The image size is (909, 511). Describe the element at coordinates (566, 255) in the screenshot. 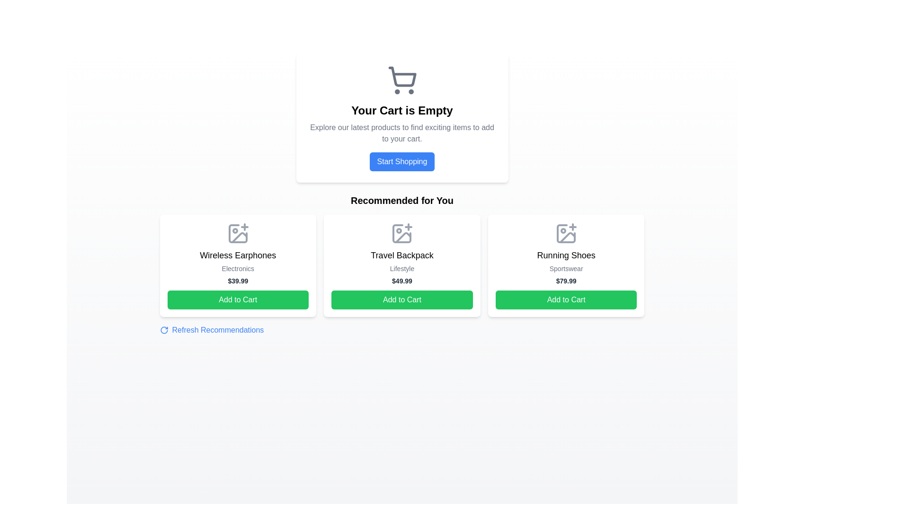

I see `the 'Running Shoes' text label, which serves as the product title in the middle column of the card layout, positioned below the image placeholder and above the 'Sportswear' label` at that location.